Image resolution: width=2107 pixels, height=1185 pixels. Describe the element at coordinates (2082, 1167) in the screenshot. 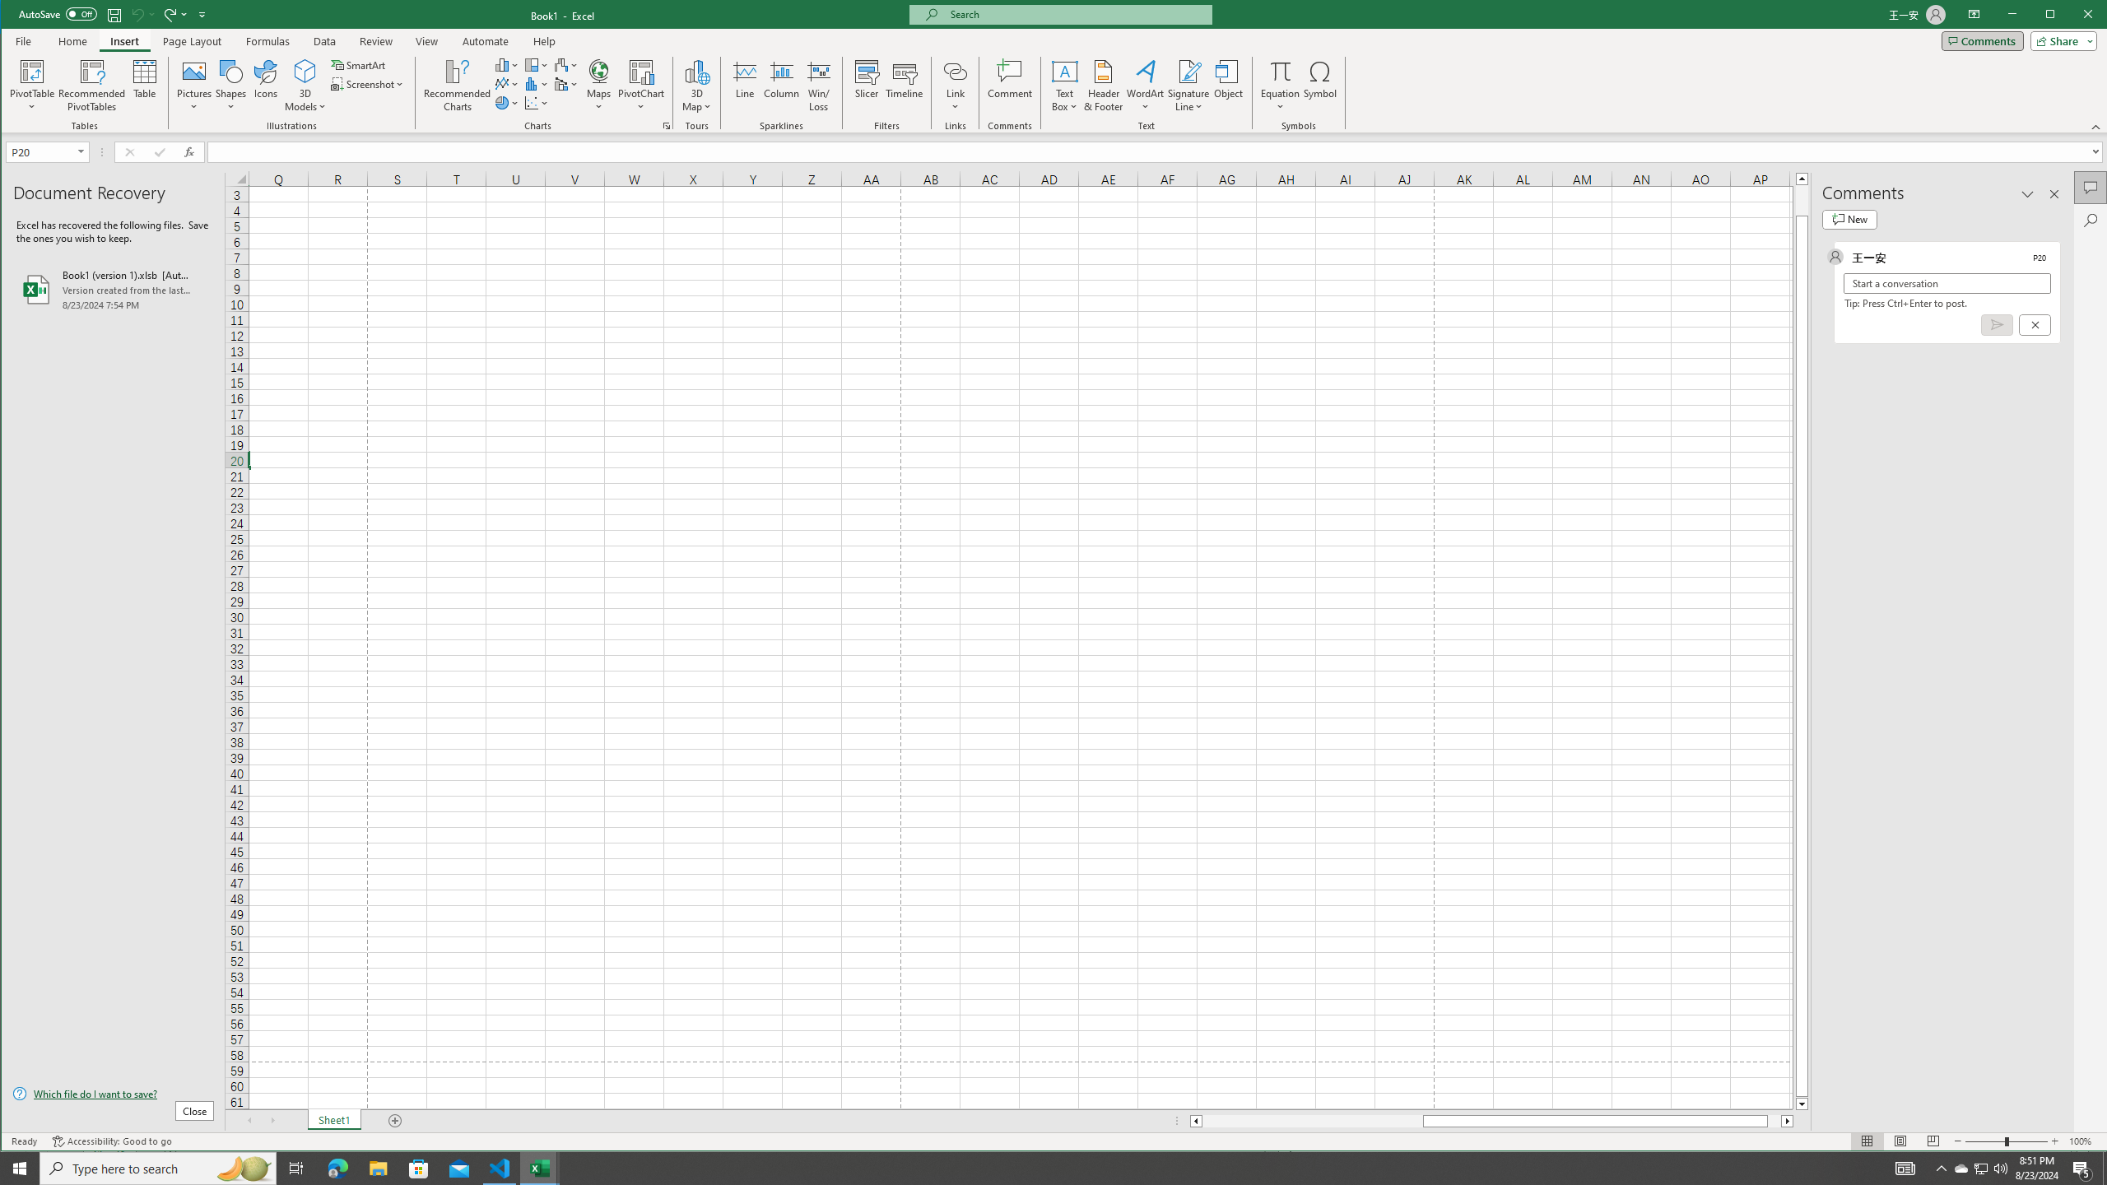

I see `'Action Center, 5 new notifications'` at that location.